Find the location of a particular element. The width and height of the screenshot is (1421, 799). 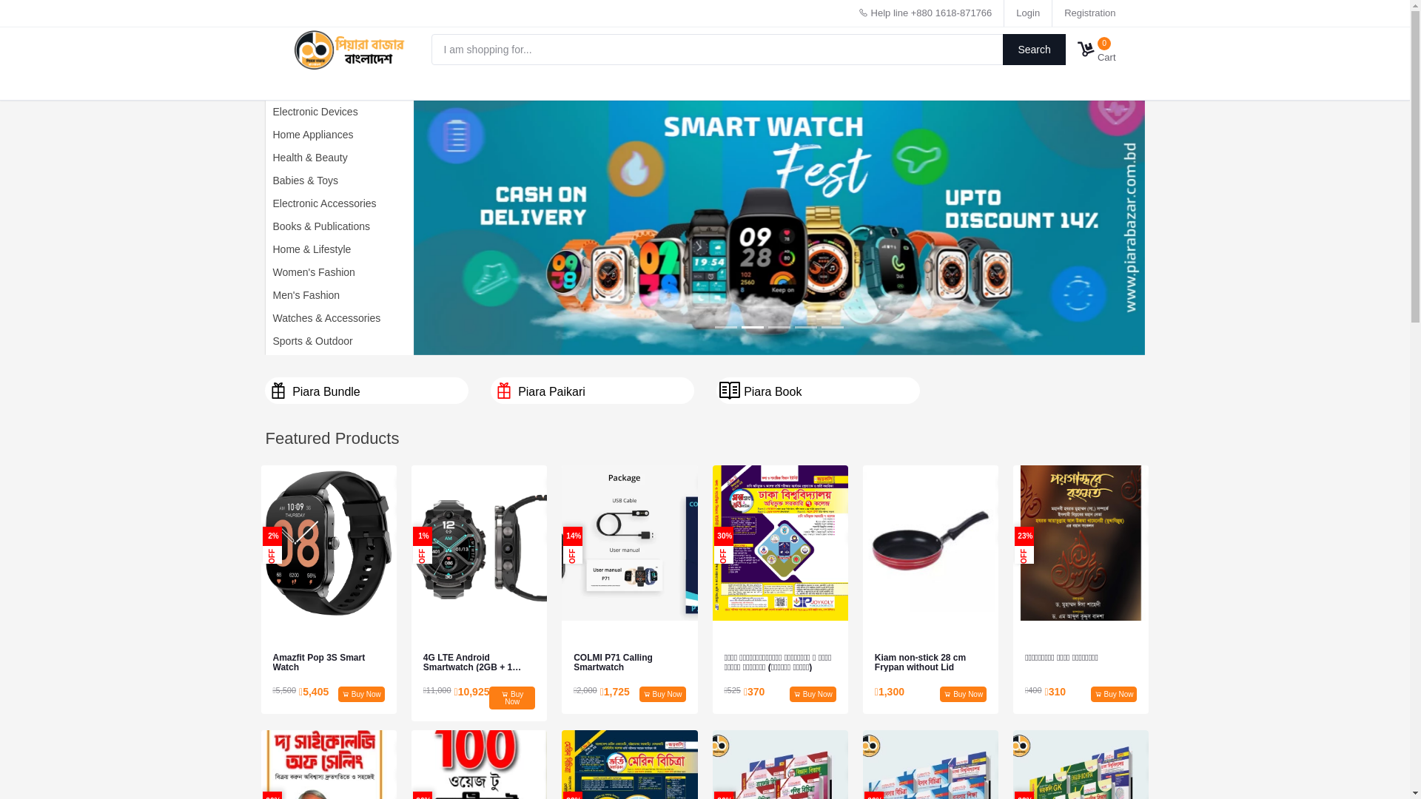

'Health & Beauty' is located at coordinates (265, 157).